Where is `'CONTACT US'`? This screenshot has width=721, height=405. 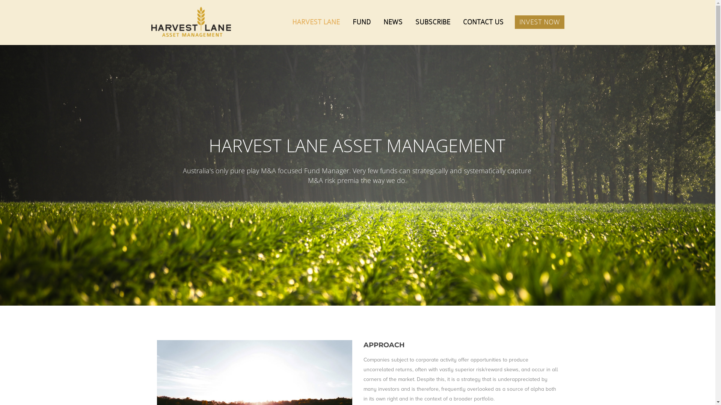
'CONTACT US' is located at coordinates (457, 21).